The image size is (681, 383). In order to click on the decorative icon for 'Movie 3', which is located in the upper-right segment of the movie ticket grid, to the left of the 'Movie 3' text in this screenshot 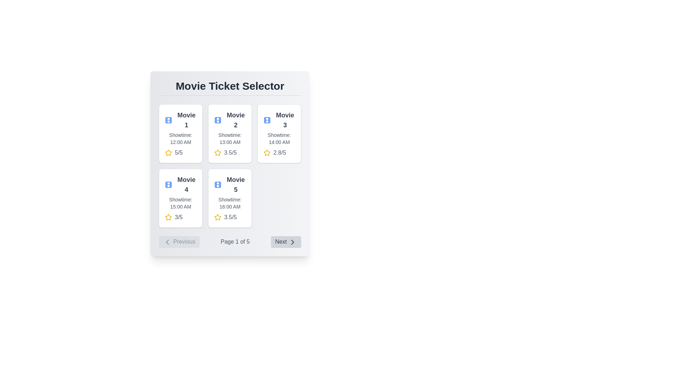, I will do `click(267, 120)`.